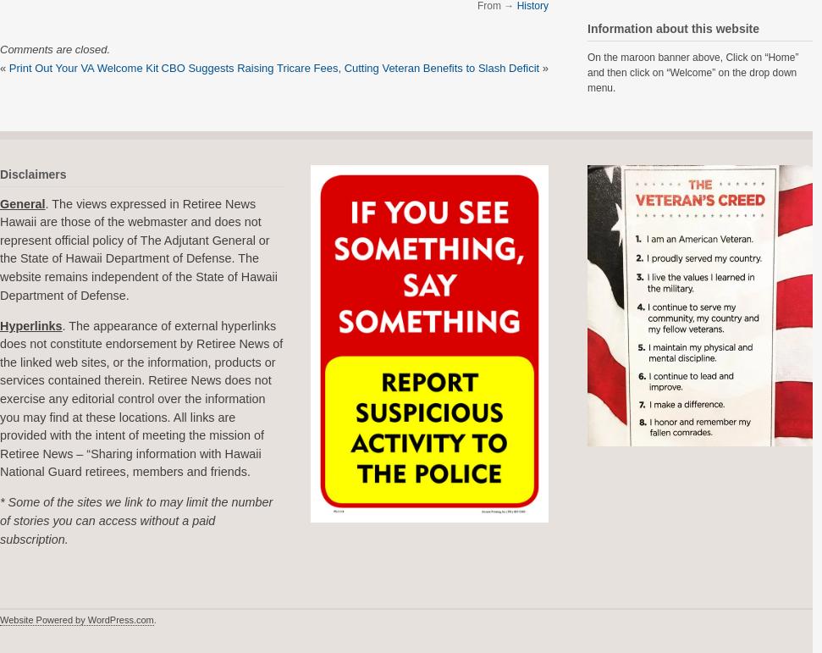 The height and width of the screenshot is (653, 822). I want to click on '. The views expressed in Retiree News Hawaii are those of the webmaster and does not represent official policy of The Adjutant General or the State of Hawaii Department of Defense. The website remains independent of the State of Hawaii Department of Defense.', so click(137, 247).